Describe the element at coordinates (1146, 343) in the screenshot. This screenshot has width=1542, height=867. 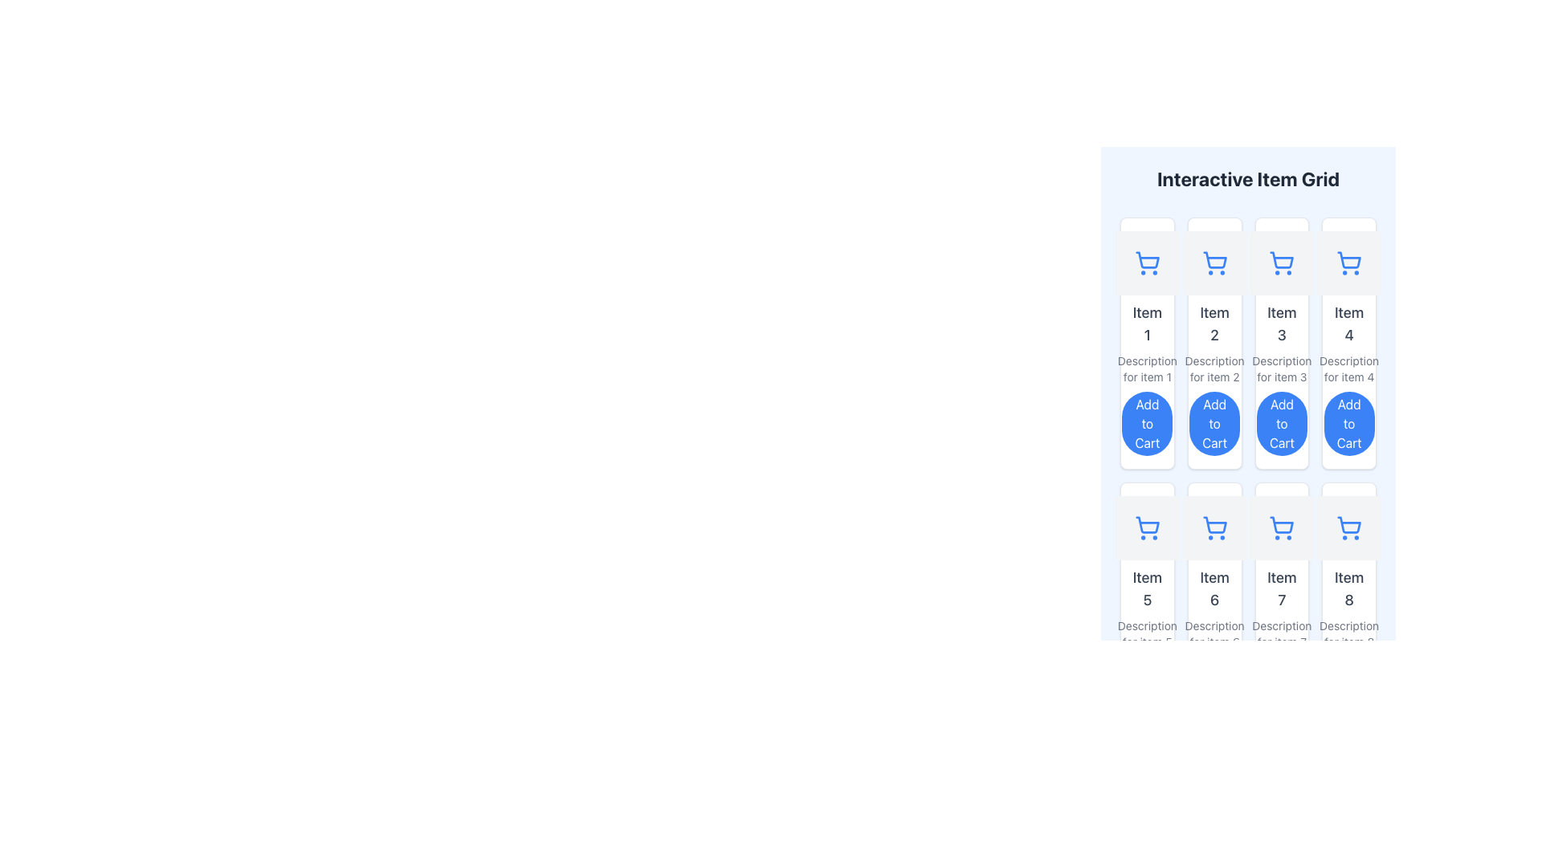
I see `item details presented on the Product card labeled 'Item 1', including the title and description, which is located in the top-left corner of the grid layout` at that location.